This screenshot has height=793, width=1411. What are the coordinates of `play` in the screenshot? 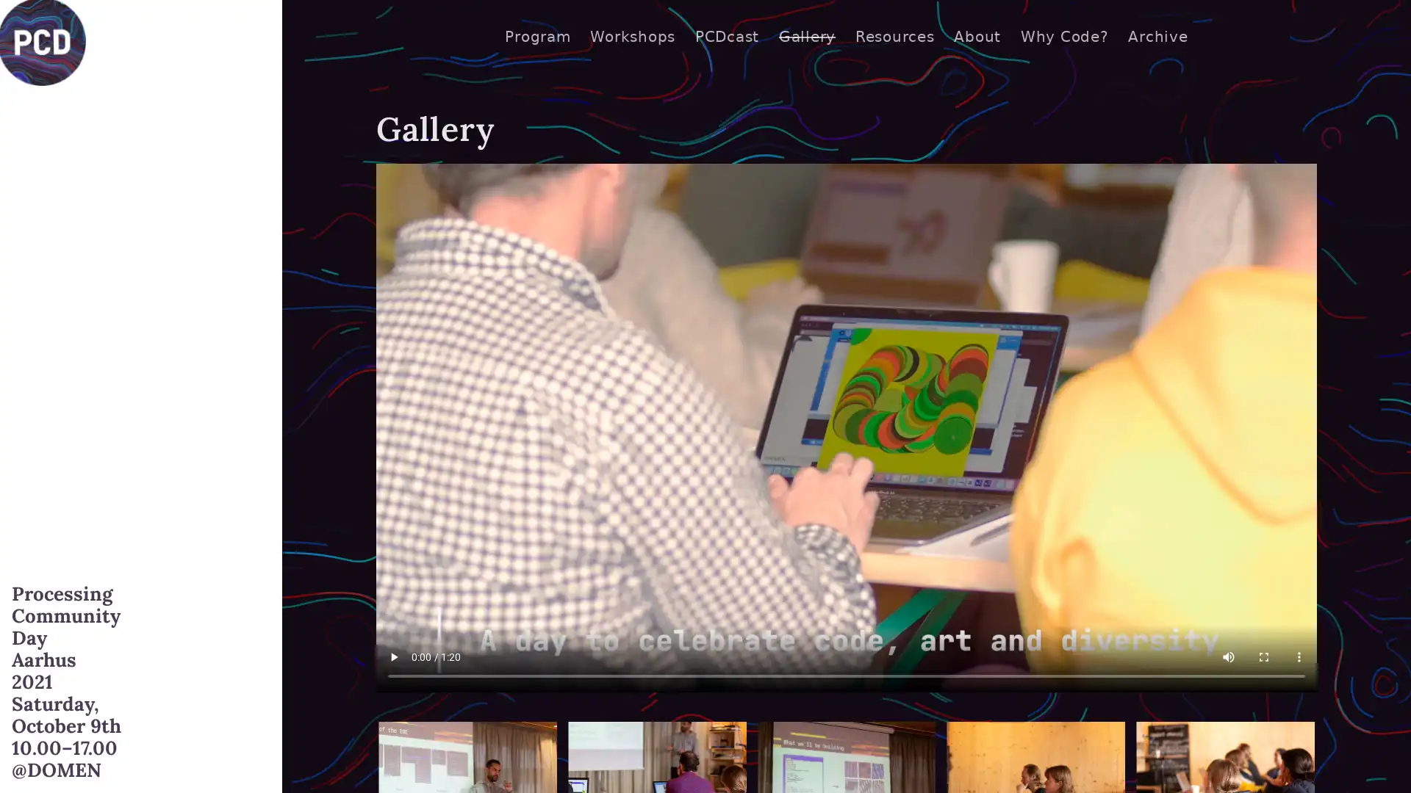 It's located at (394, 656).